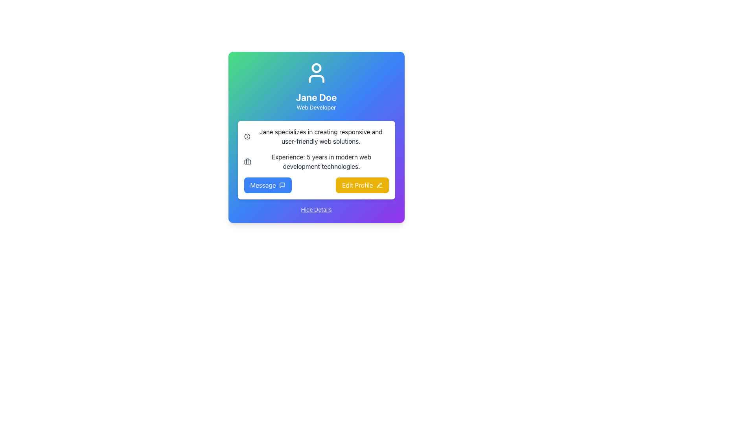 This screenshot has width=755, height=424. I want to click on the blue SVG Circle Element representing a user profile image, located at the upper central region of the profile card layout, so click(316, 68).